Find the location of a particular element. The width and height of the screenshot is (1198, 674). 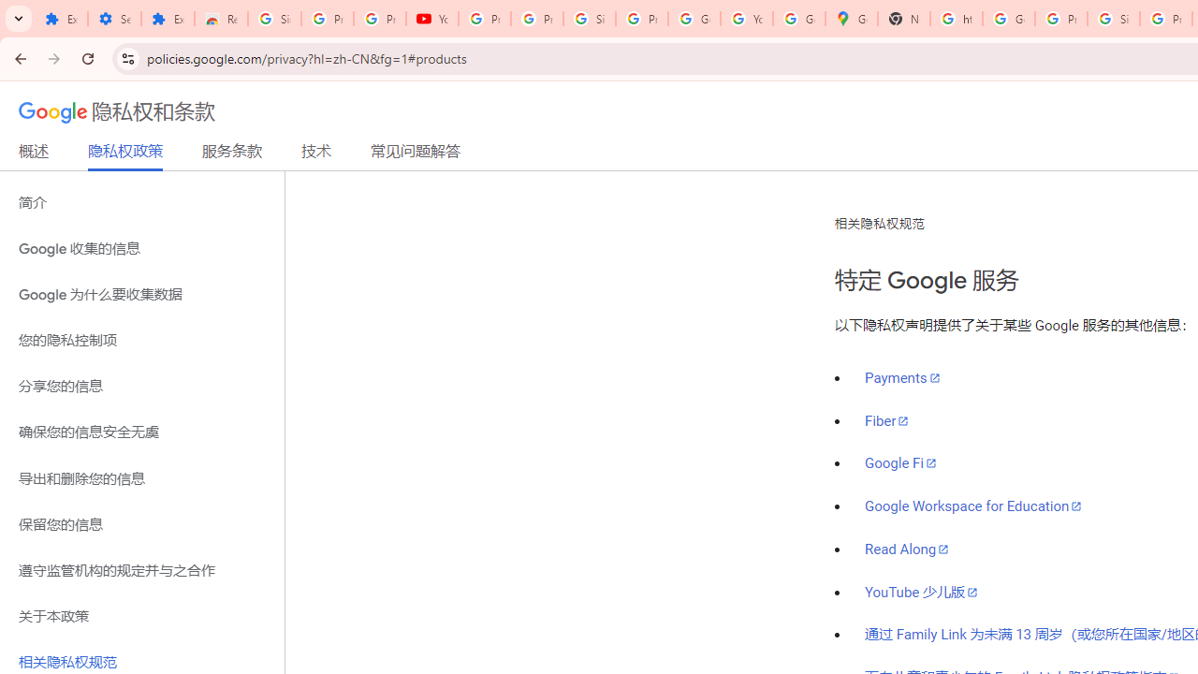

'https://scholar.google.com/' is located at coordinates (957, 19).